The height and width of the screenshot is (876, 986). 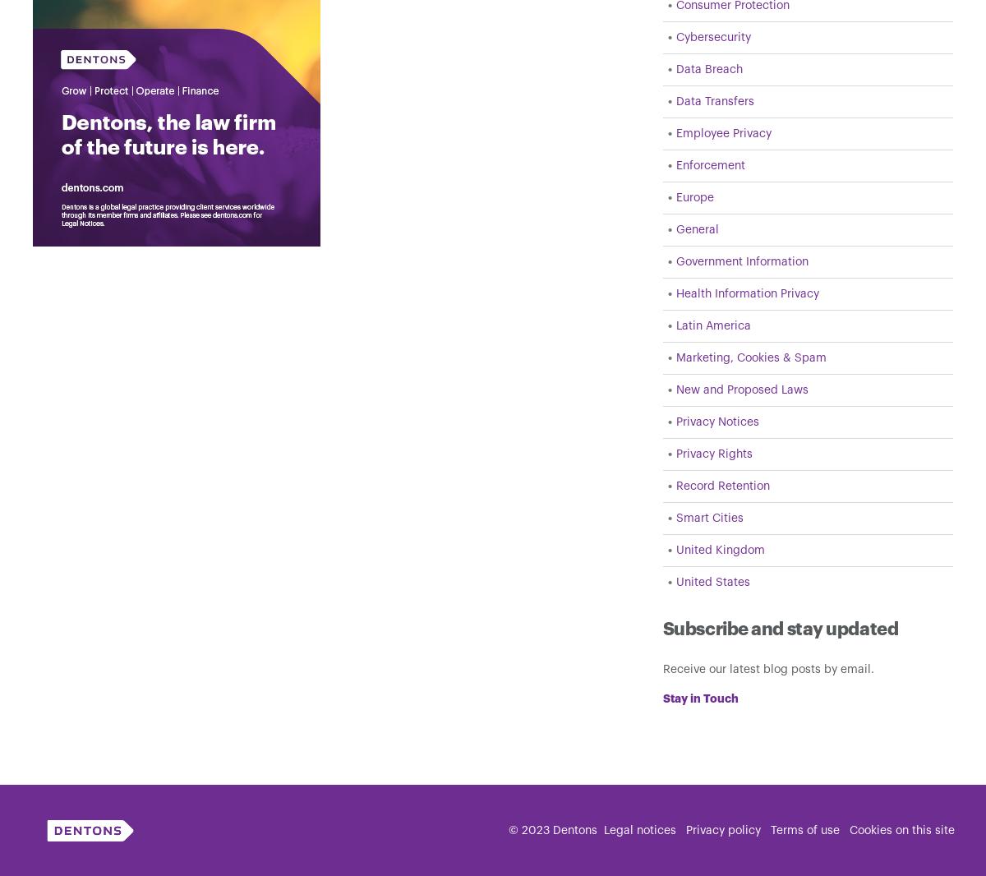 What do you see at coordinates (675, 165) in the screenshot?
I see `'Enforcement'` at bounding box center [675, 165].